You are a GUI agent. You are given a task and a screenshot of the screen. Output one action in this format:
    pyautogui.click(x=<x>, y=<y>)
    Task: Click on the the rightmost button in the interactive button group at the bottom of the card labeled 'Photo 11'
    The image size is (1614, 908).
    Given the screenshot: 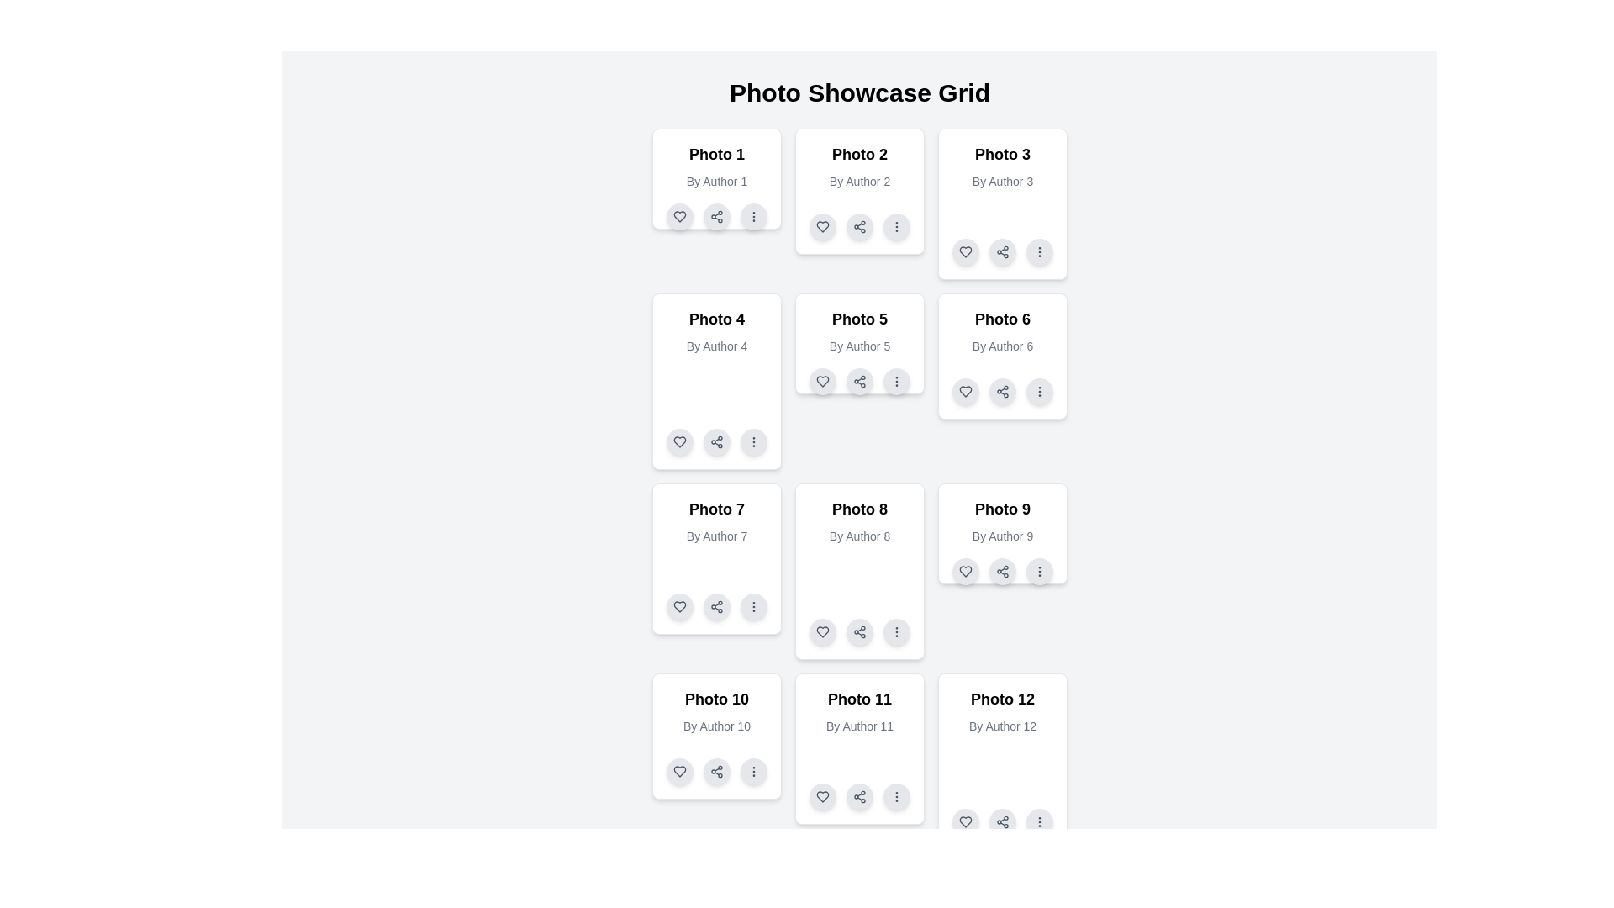 What is the action you would take?
    pyautogui.click(x=895, y=796)
    